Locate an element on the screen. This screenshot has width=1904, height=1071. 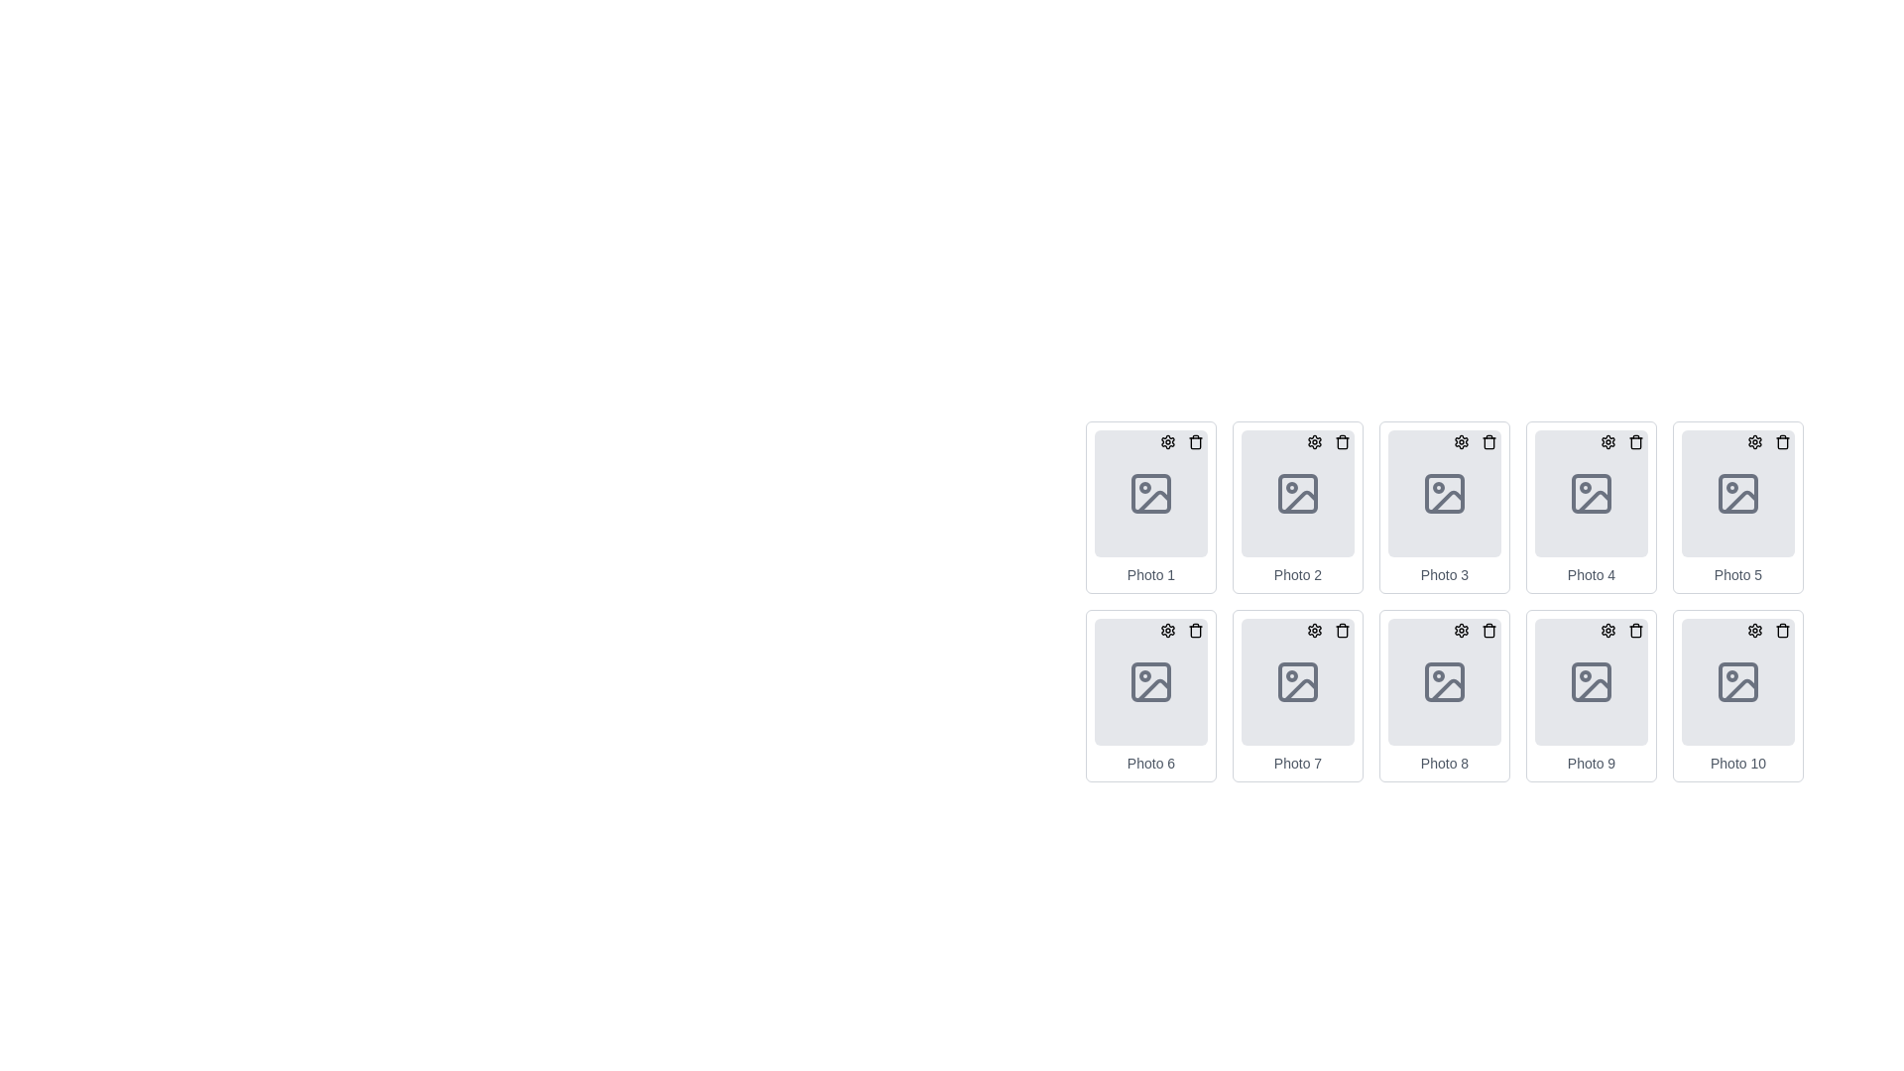
the Settings Icon button located at the top-right corner of the 'Photo 8' block is located at coordinates (1461, 631).